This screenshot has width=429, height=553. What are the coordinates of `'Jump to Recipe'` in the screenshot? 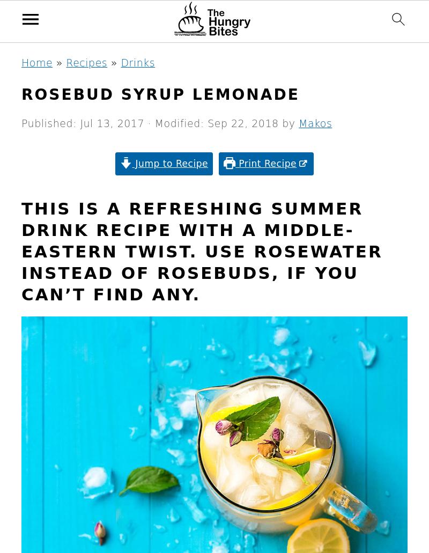 It's located at (131, 163).